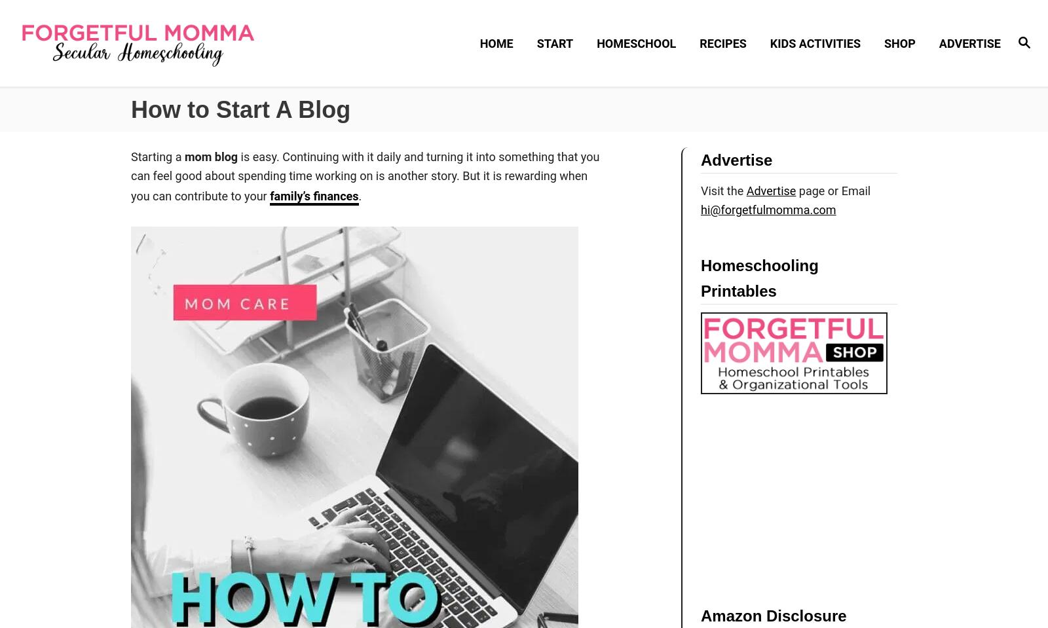 The image size is (1048, 628). What do you see at coordinates (768, 209) in the screenshot?
I see `'hi@forgetfulmomma.com'` at bounding box center [768, 209].